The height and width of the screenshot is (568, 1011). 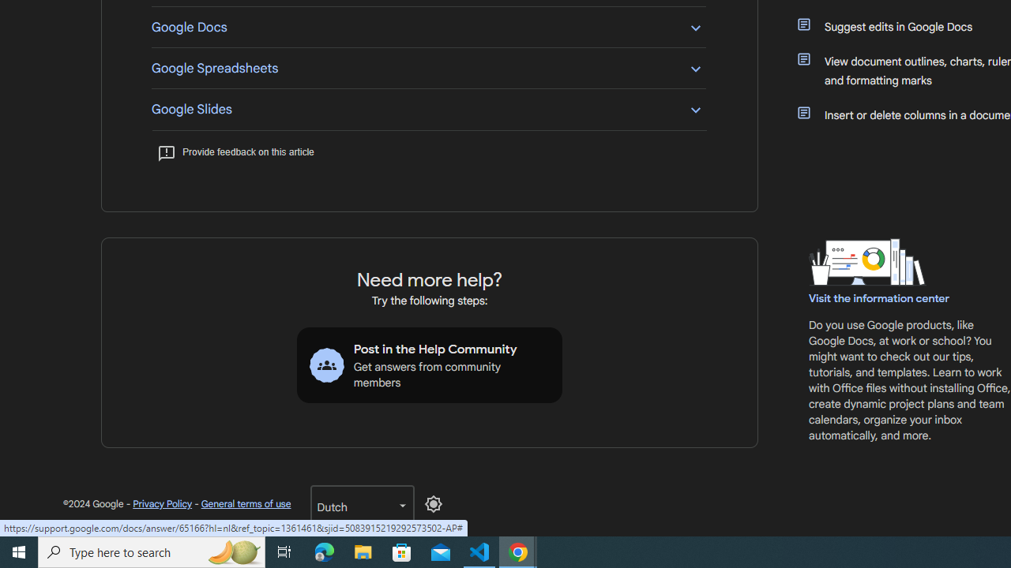 I want to click on 'Provide feedback on this article', so click(x=235, y=151).